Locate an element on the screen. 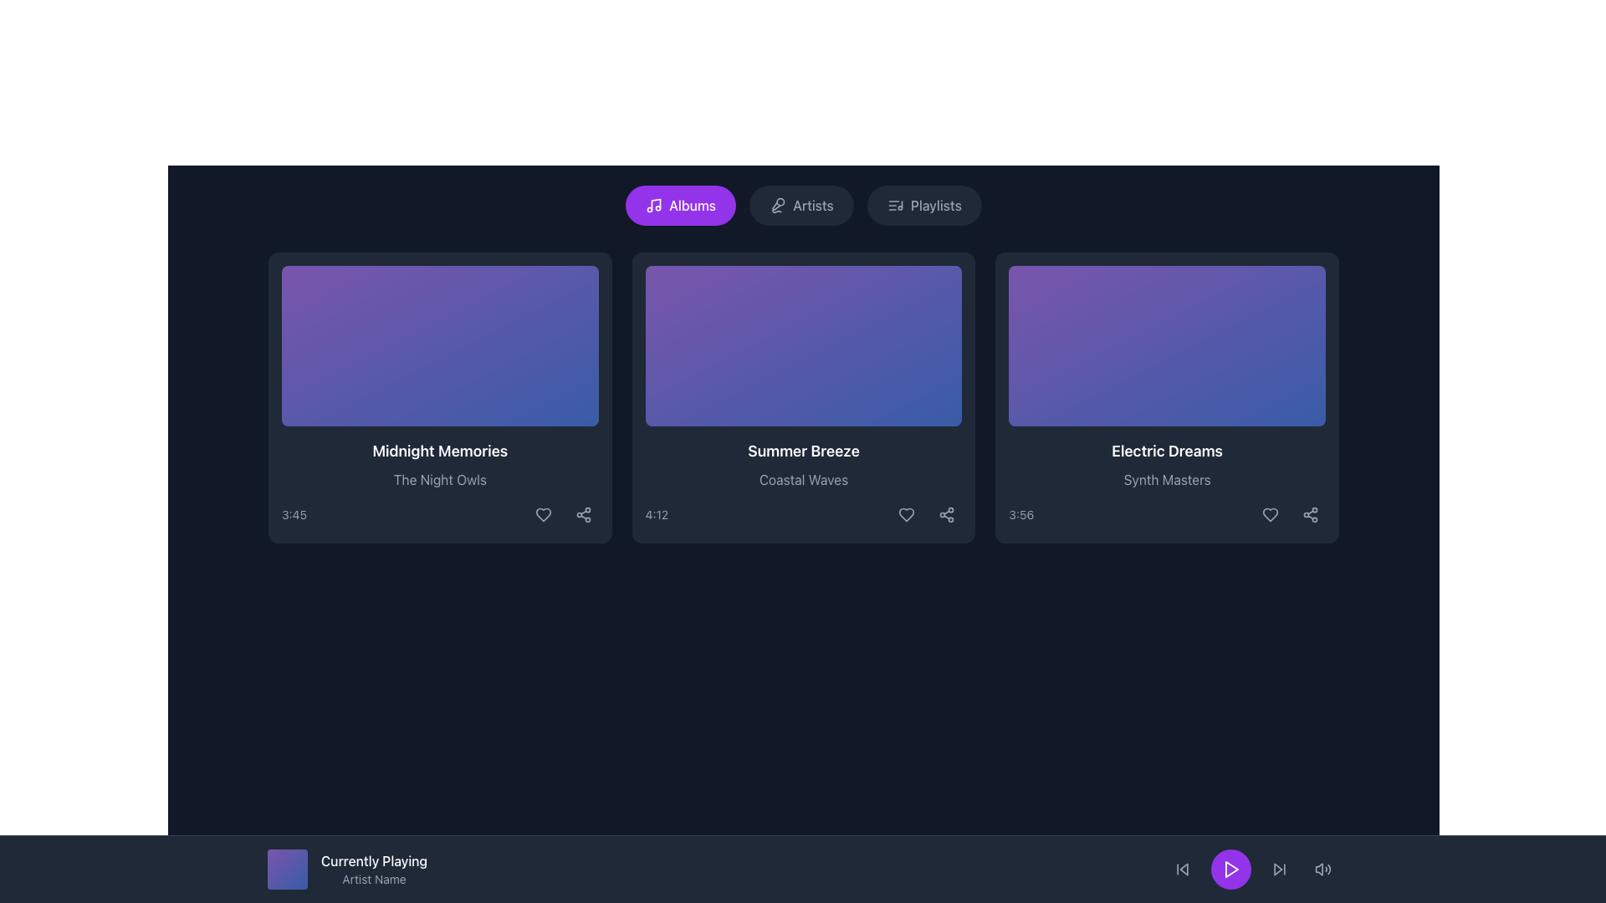  the heart icon located in the second position of the control group below the 'Summer Breeze' album card to like or unlike the album is located at coordinates (906, 514).